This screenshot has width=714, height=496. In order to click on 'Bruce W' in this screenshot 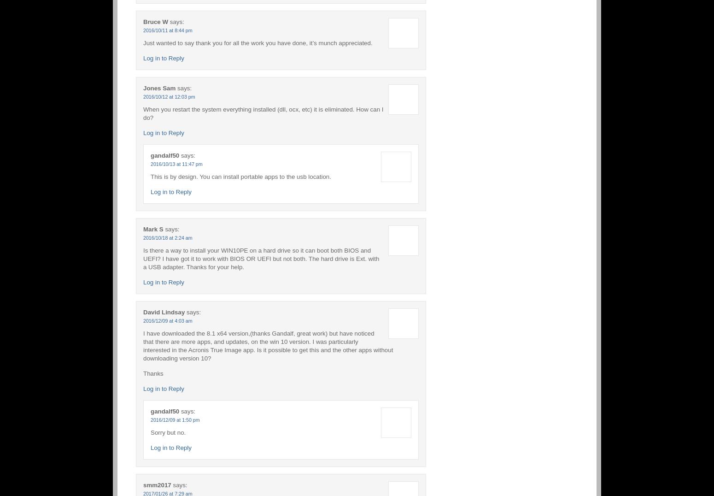, I will do `click(155, 21)`.